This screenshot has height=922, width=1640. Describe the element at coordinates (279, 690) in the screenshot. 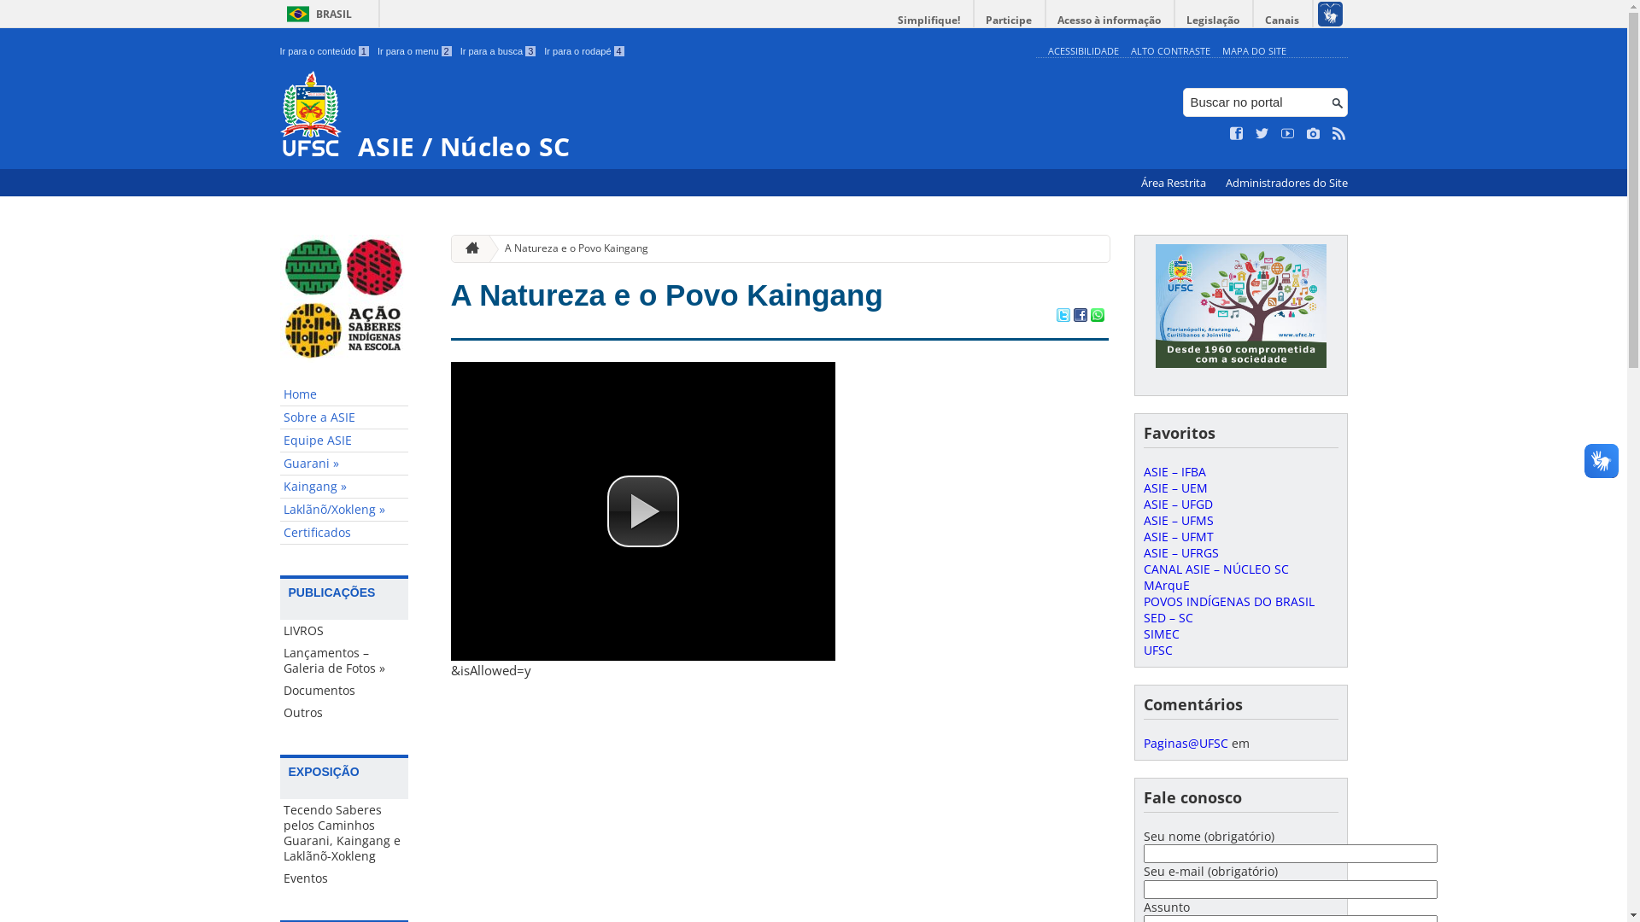

I see `'Documentos'` at that location.